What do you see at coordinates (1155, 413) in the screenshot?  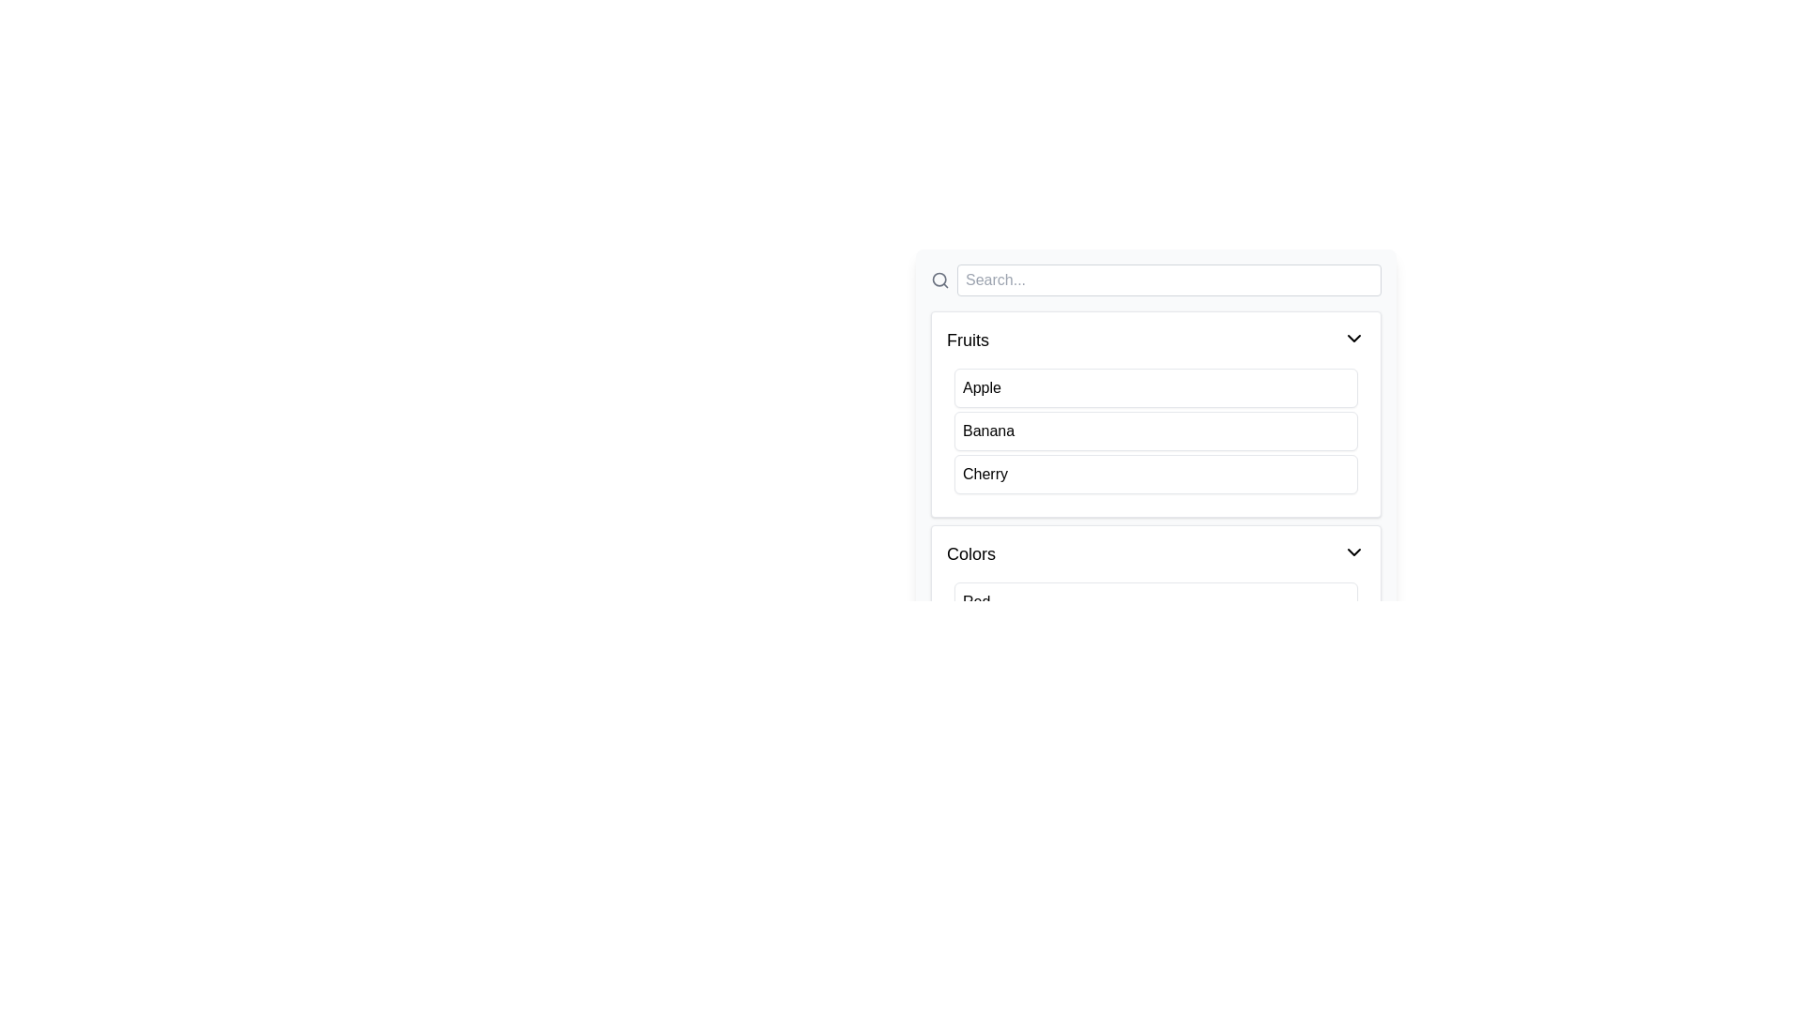 I see `the dropdown option labeled 'Banana'` at bounding box center [1155, 413].